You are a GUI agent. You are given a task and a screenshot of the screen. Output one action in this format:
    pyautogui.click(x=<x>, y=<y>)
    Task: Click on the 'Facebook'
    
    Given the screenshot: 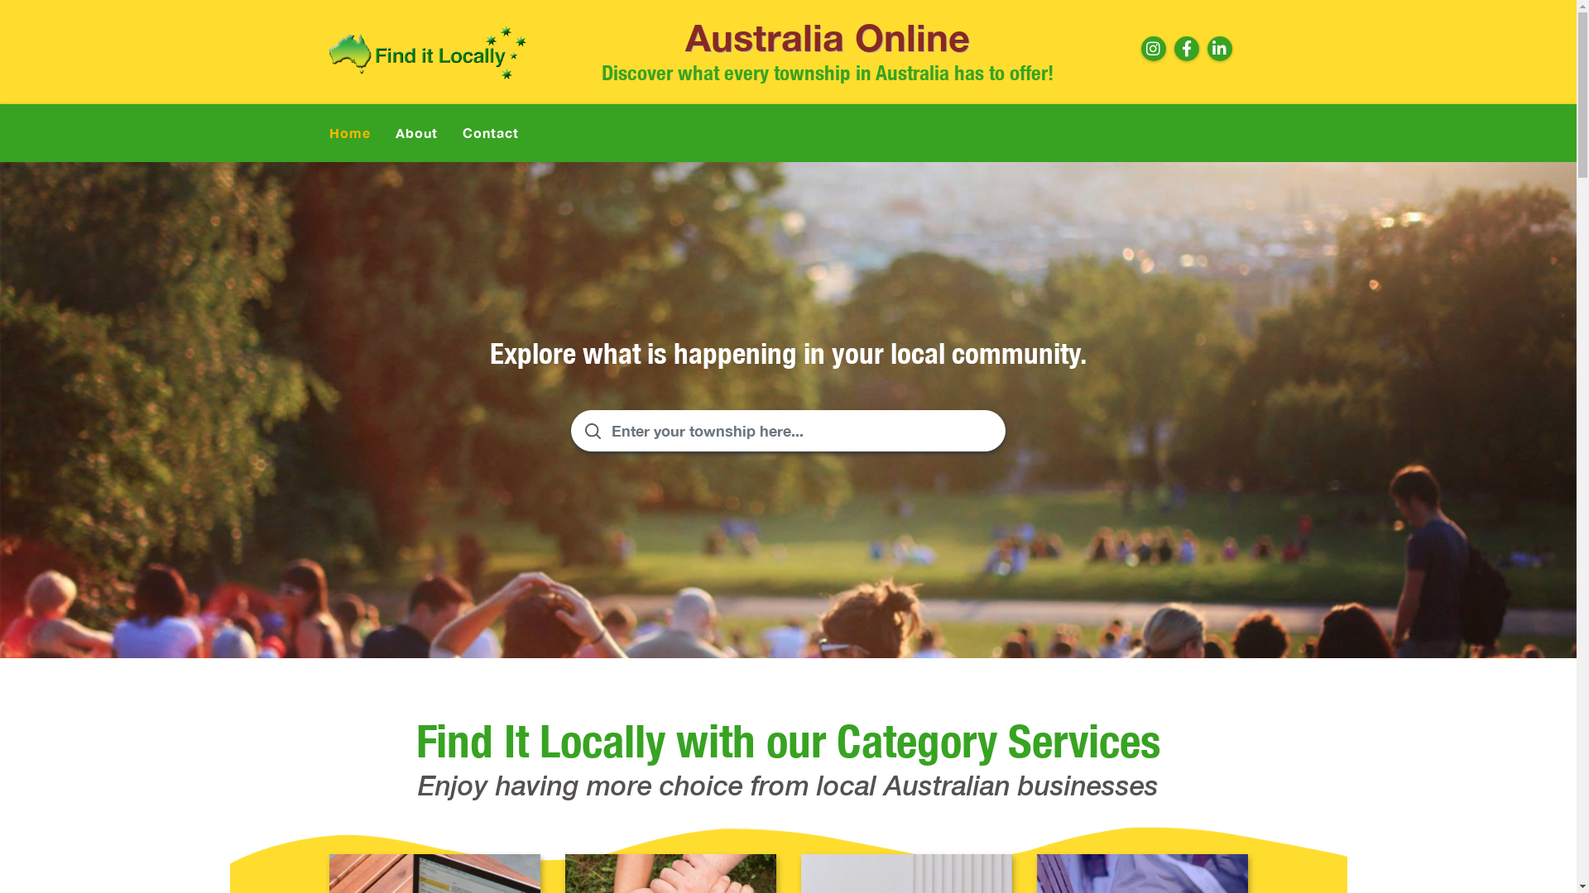 What is the action you would take?
    pyautogui.click(x=1186, y=47)
    